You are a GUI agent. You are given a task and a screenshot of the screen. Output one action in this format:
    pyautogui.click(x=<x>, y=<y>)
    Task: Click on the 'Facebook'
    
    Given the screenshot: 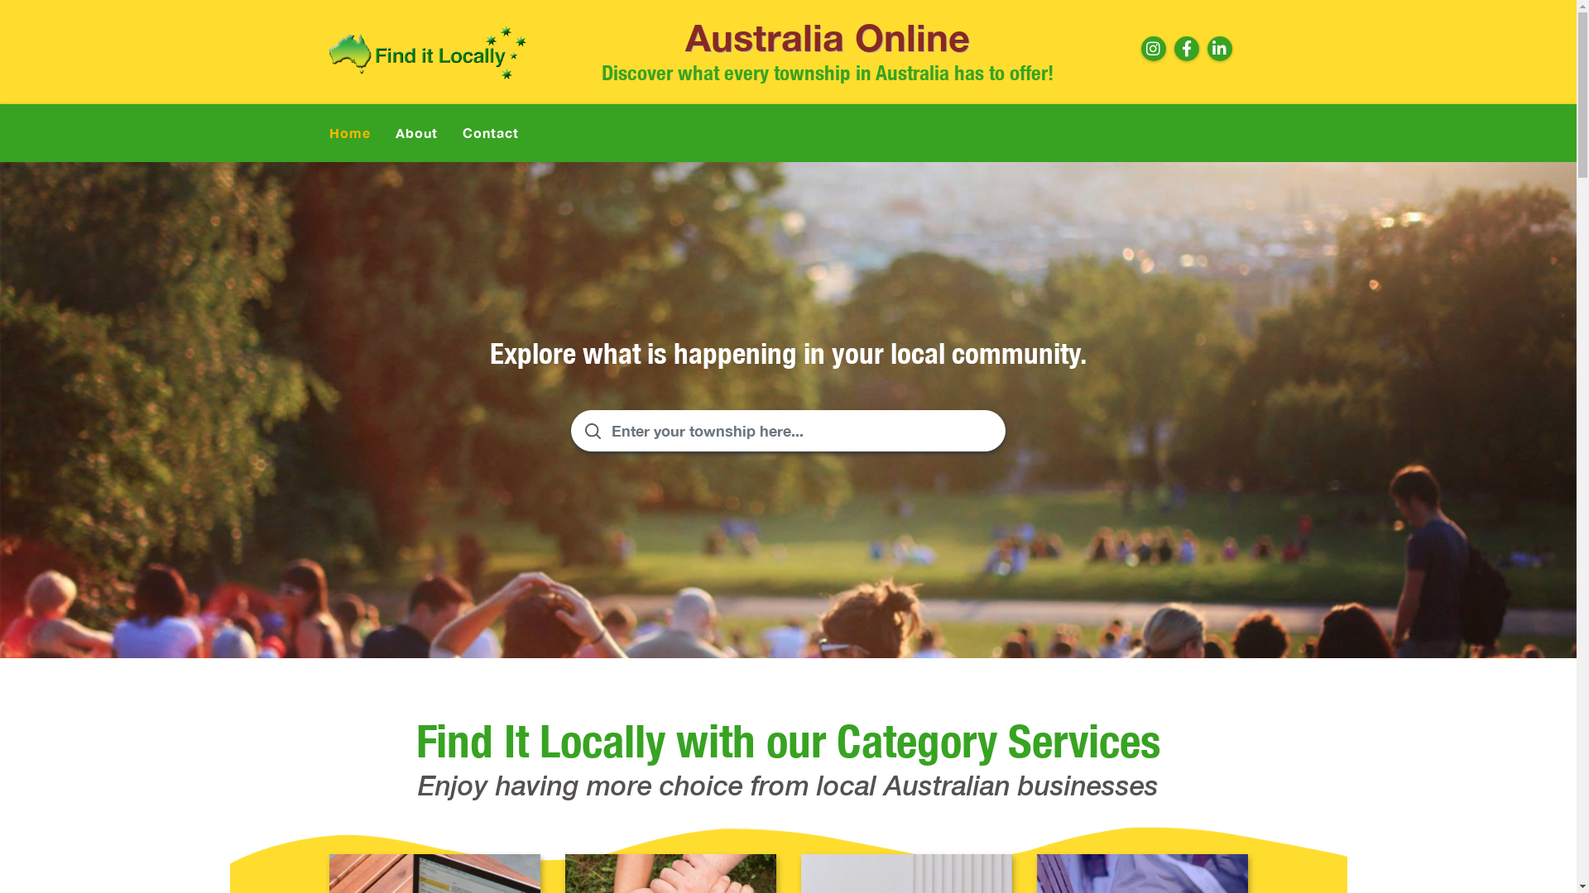 What is the action you would take?
    pyautogui.click(x=1186, y=47)
    